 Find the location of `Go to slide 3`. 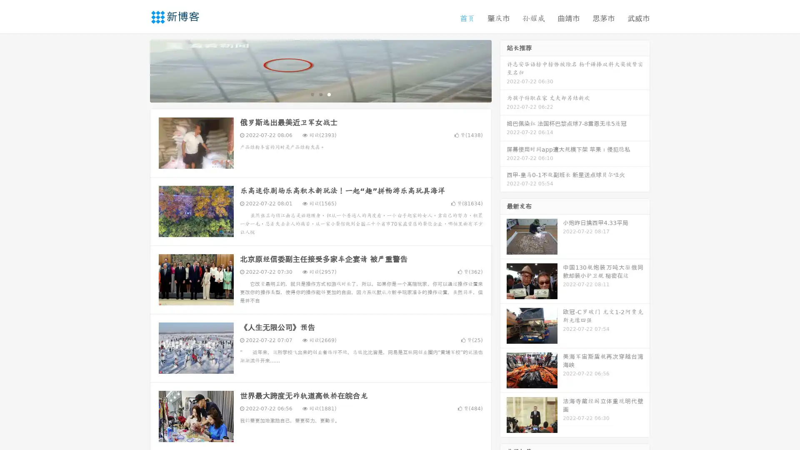

Go to slide 3 is located at coordinates (329, 94).